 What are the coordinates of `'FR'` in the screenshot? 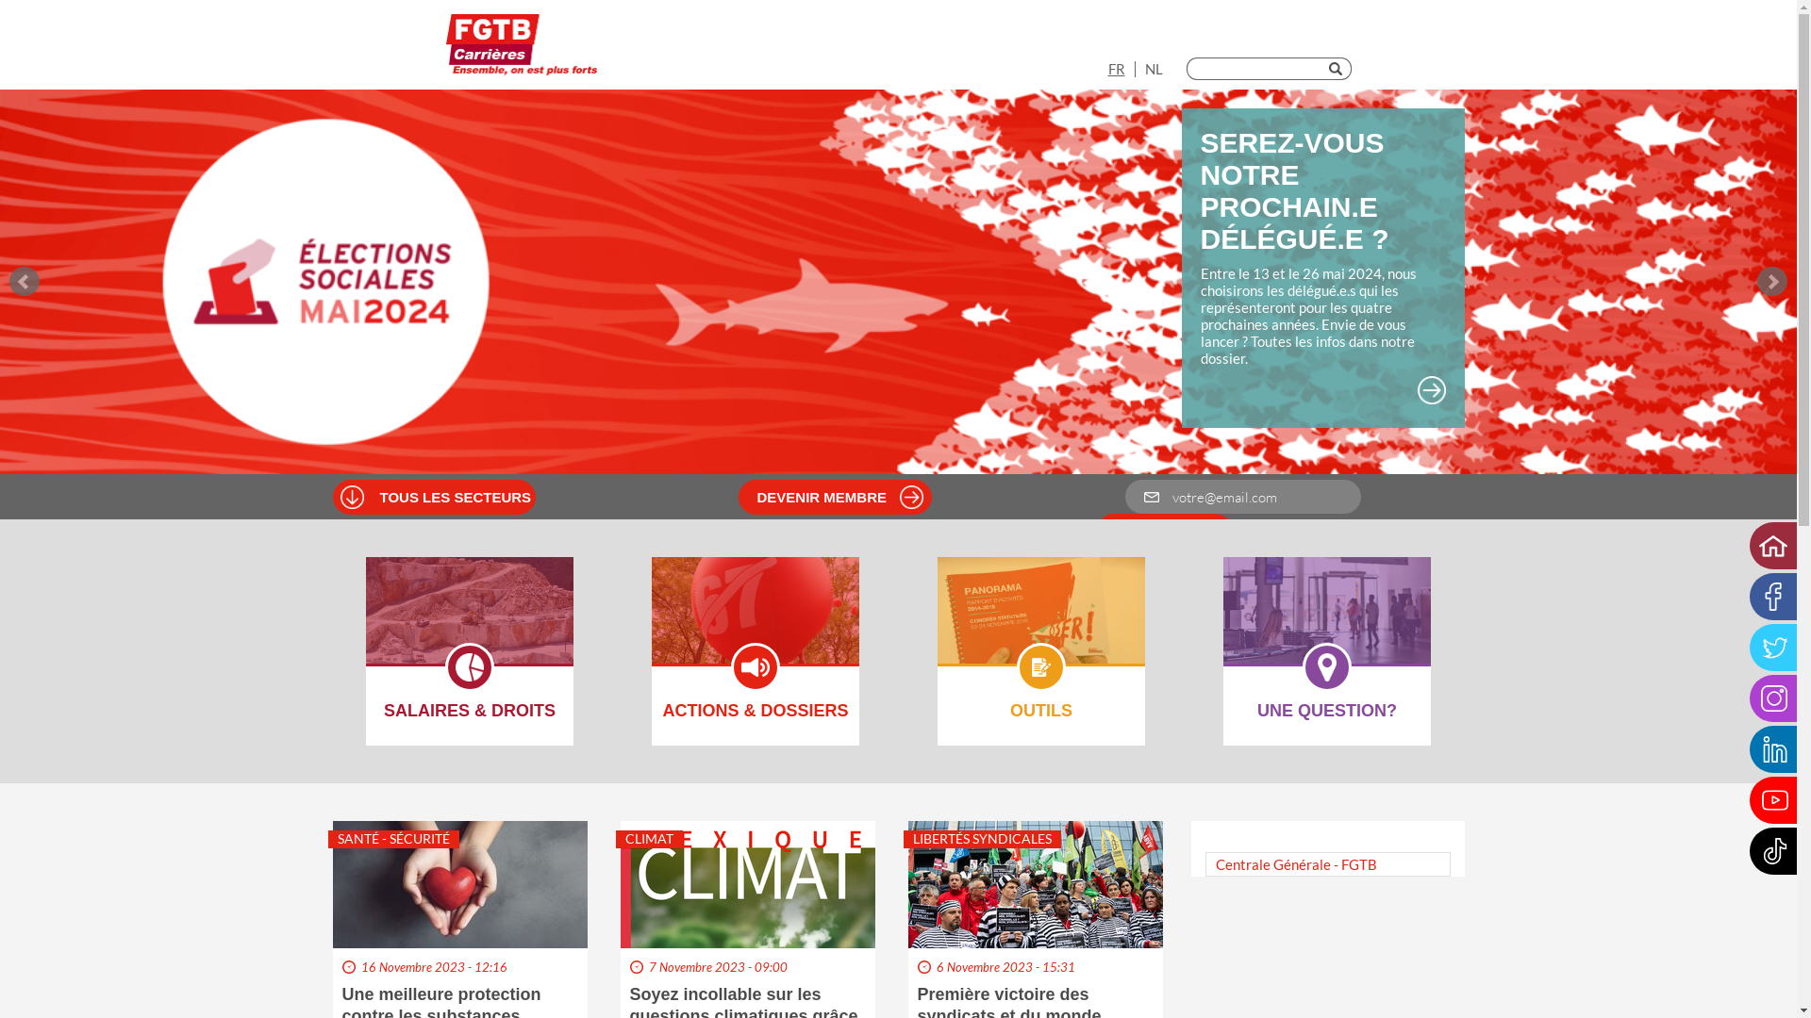 It's located at (1107, 68).